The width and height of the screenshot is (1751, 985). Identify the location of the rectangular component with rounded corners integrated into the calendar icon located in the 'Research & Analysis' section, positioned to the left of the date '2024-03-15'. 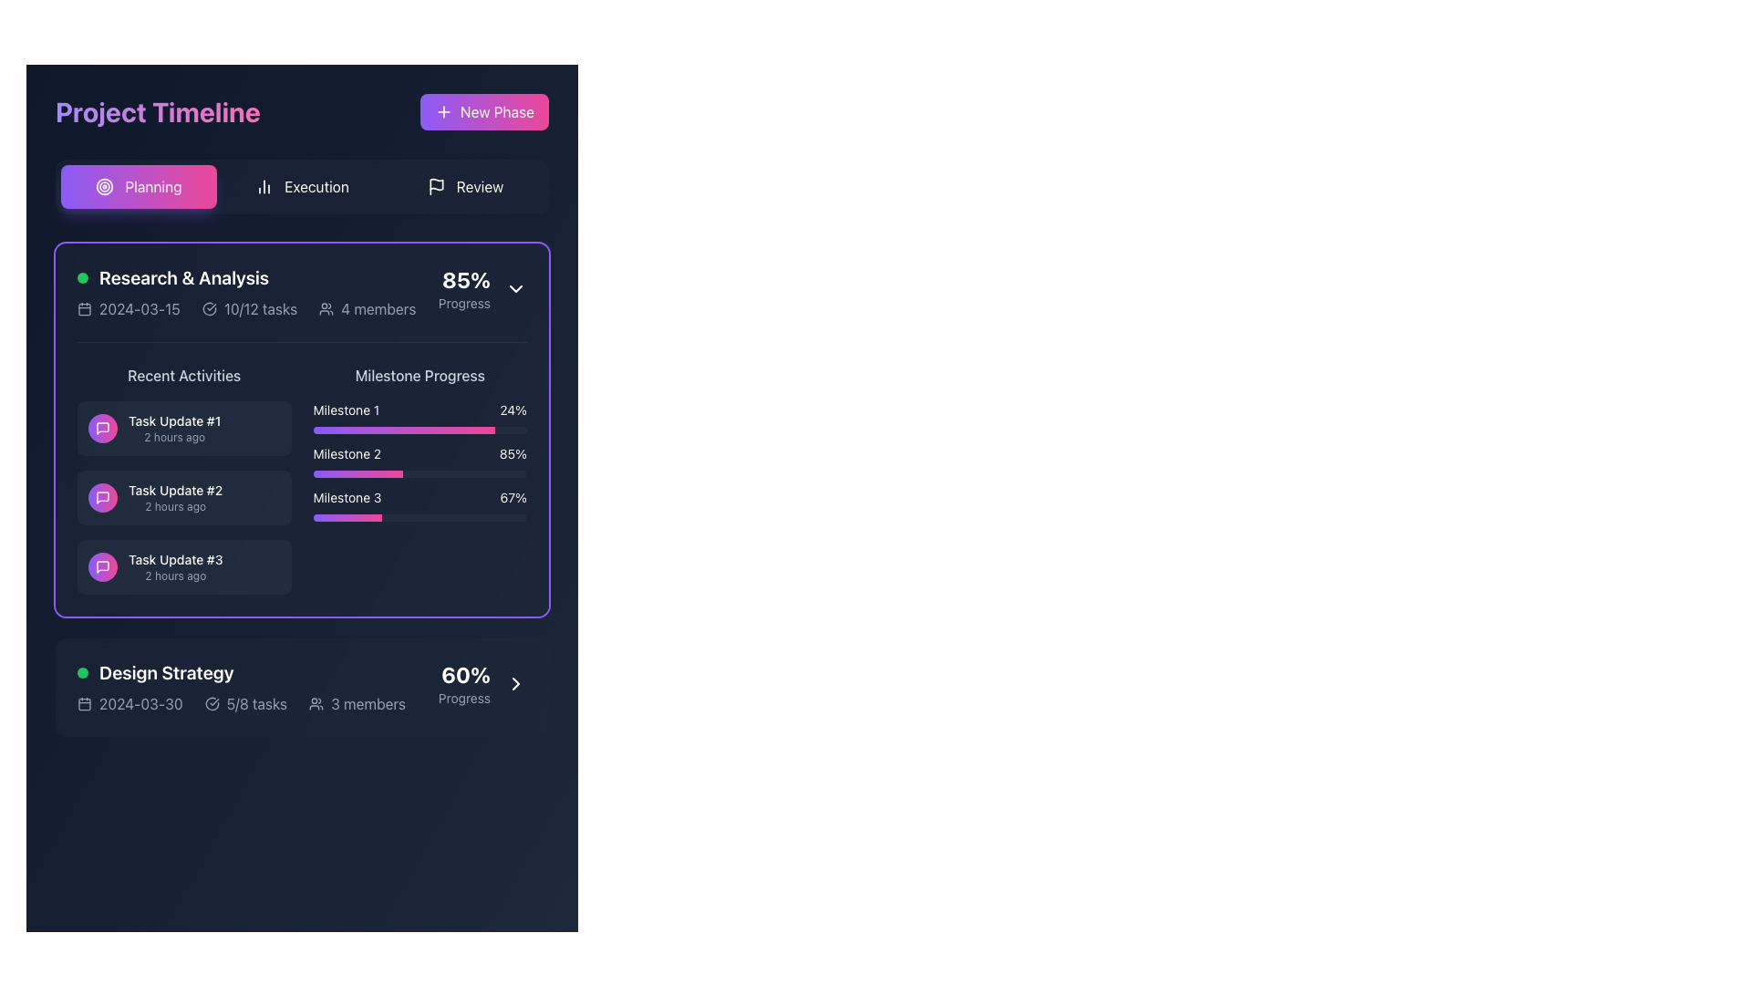
(83, 308).